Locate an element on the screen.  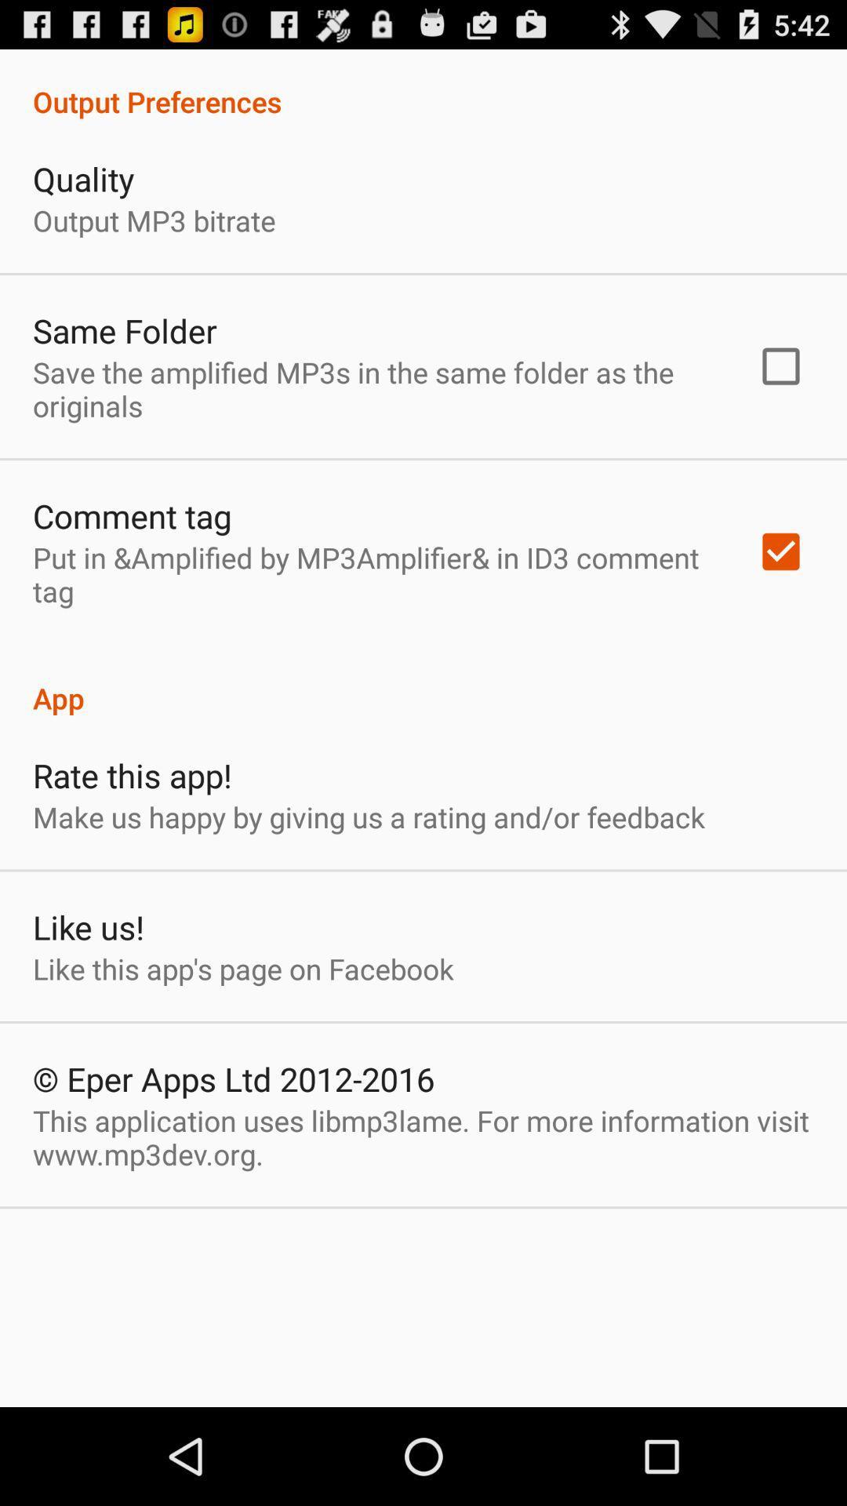
the make us happy app is located at coordinates (369, 816).